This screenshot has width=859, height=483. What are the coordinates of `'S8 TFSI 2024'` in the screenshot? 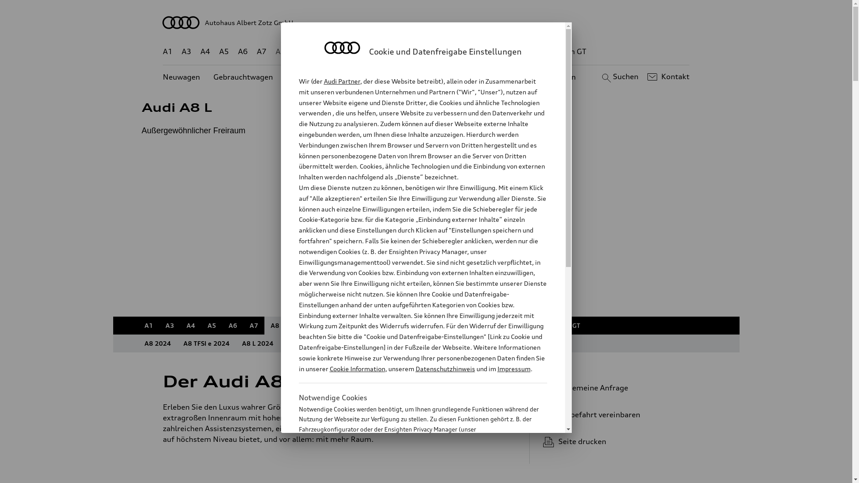 It's located at (369, 343).